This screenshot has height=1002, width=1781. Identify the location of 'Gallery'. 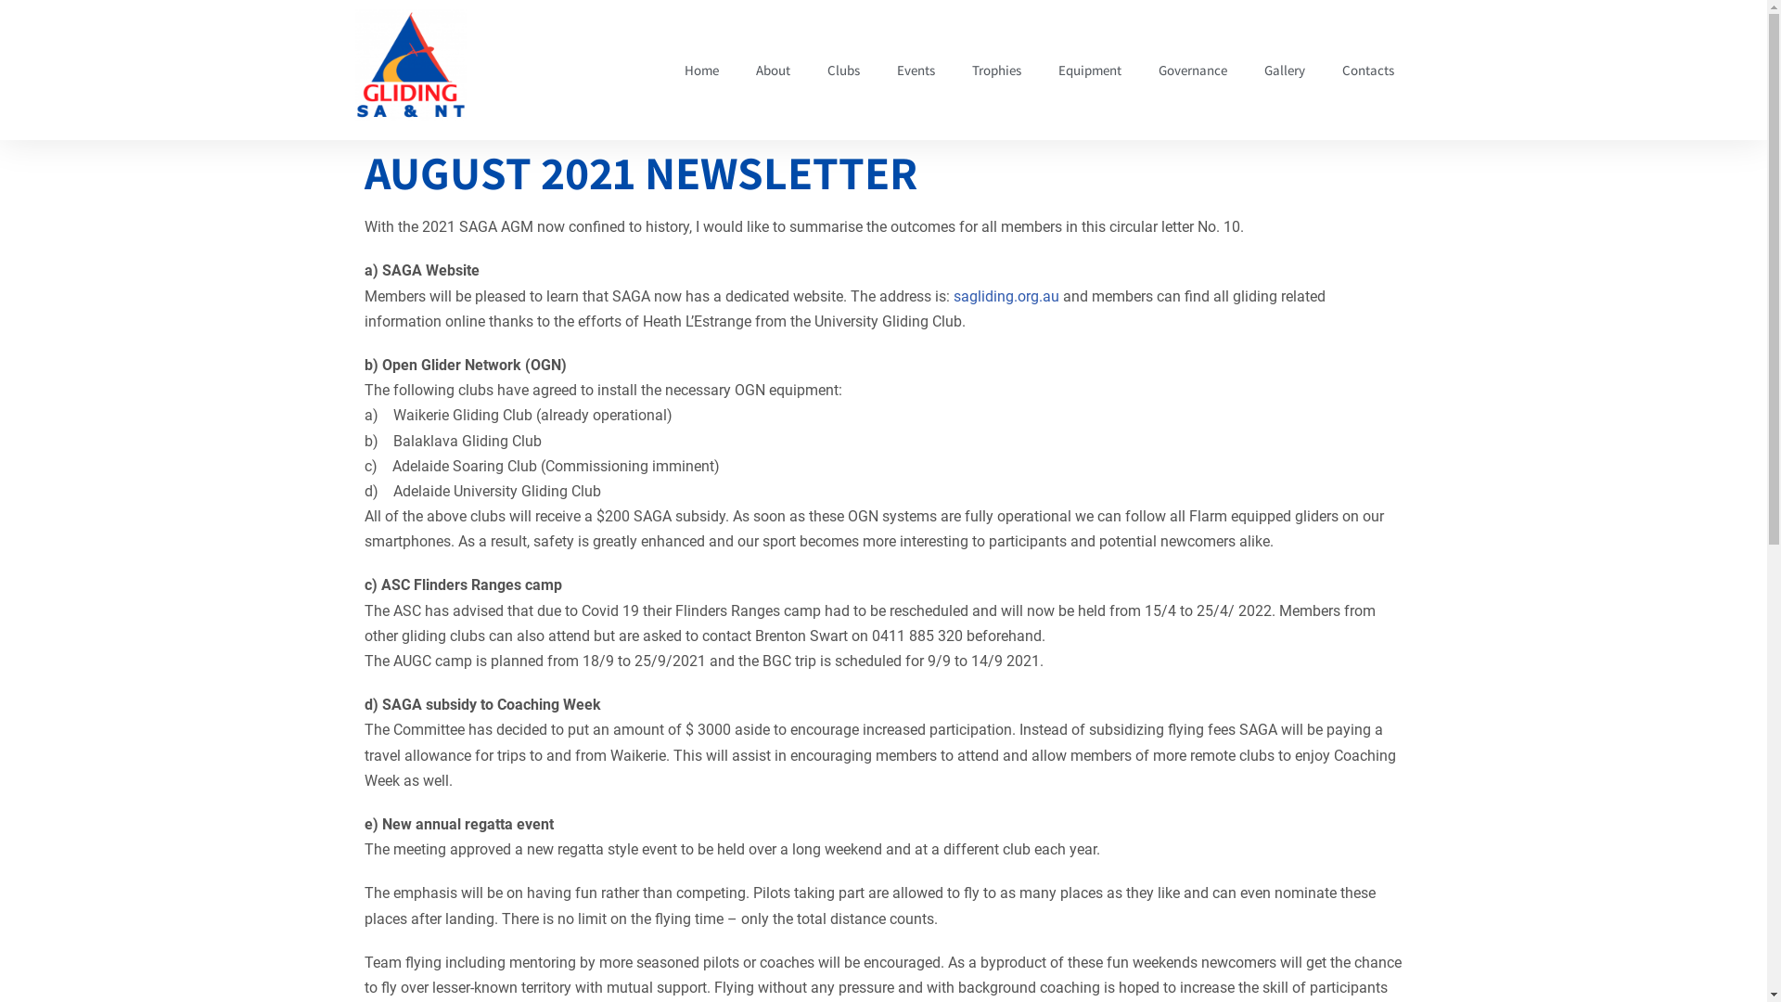
(1282, 70).